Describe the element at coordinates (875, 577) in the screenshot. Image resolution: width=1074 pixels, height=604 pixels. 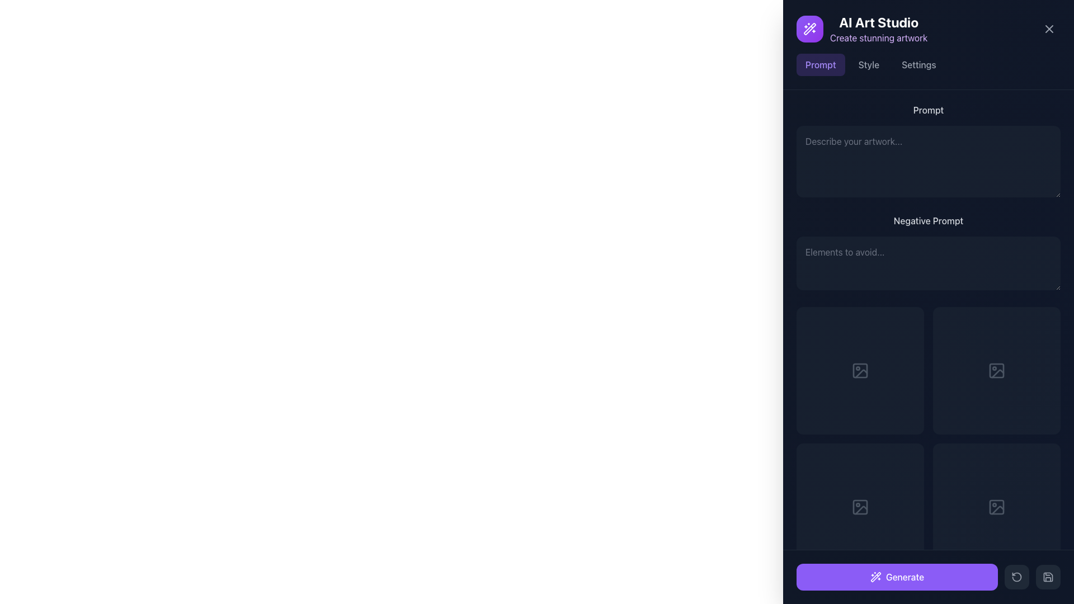
I see `the magic wand icon with sparkles on the 'Generate' button to generate content` at that location.